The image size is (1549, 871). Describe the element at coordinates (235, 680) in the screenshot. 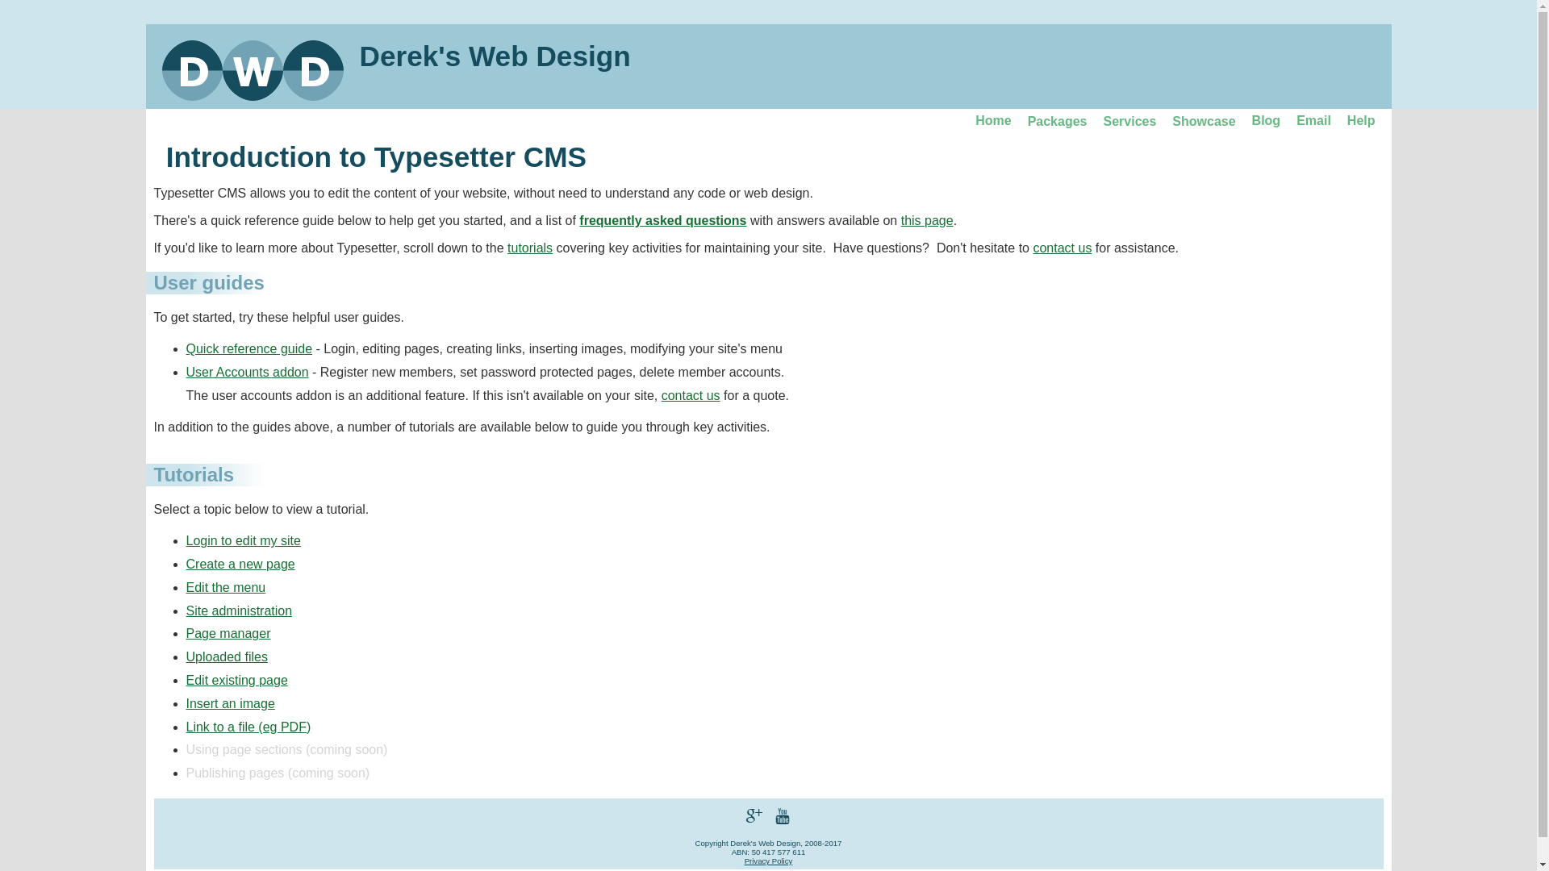

I see `'Edit existing page'` at that location.